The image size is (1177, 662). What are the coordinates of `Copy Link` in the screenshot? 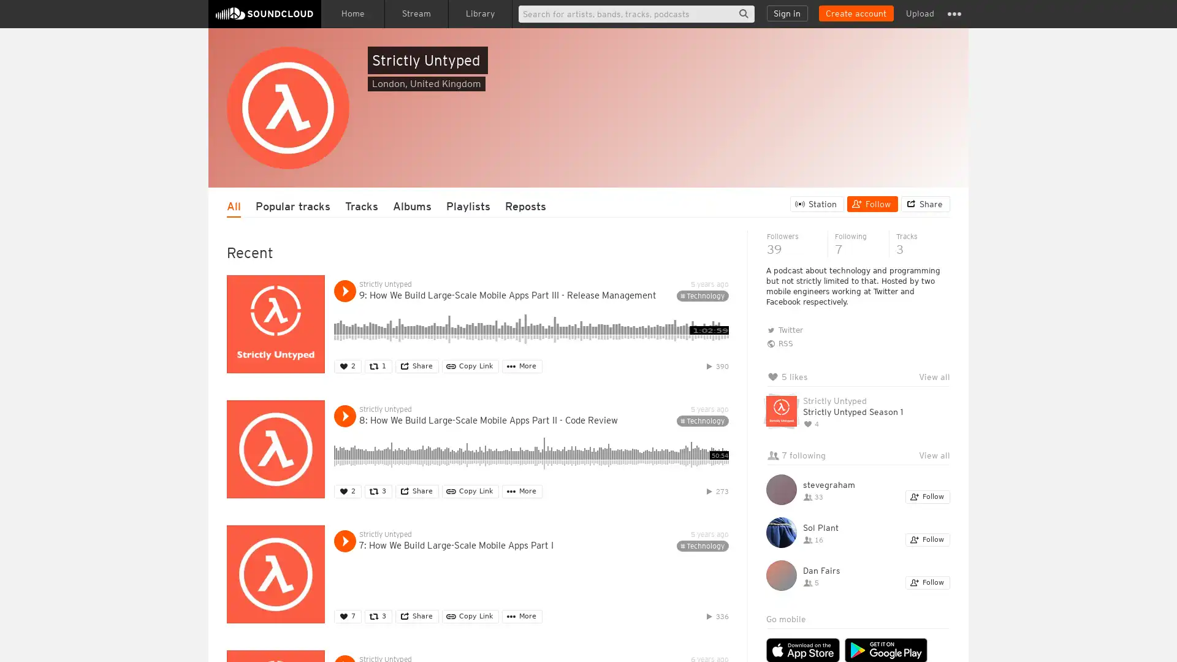 It's located at (470, 365).